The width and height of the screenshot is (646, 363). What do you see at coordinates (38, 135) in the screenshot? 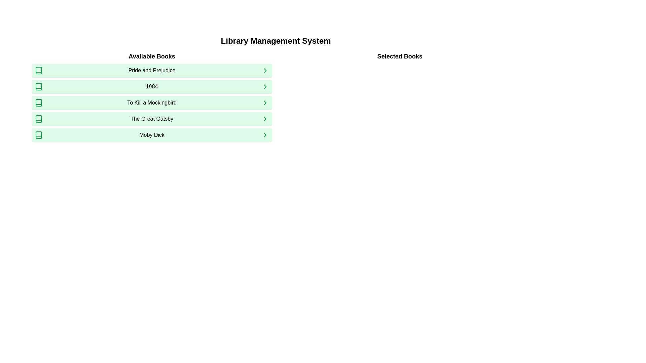
I see `the stylized green book icon located in the 'Available Books' section next to the 'Moby Dick' label` at bounding box center [38, 135].